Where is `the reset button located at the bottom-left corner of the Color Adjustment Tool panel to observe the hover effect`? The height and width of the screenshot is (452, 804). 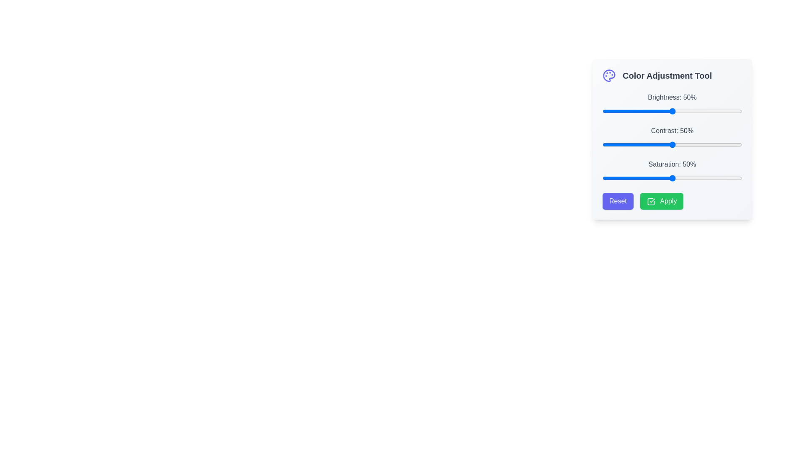
the reset button located at the bottom-left corner of the Color Adjustment Tool panel to observe the hover effect is located at coordinates (618, 201).